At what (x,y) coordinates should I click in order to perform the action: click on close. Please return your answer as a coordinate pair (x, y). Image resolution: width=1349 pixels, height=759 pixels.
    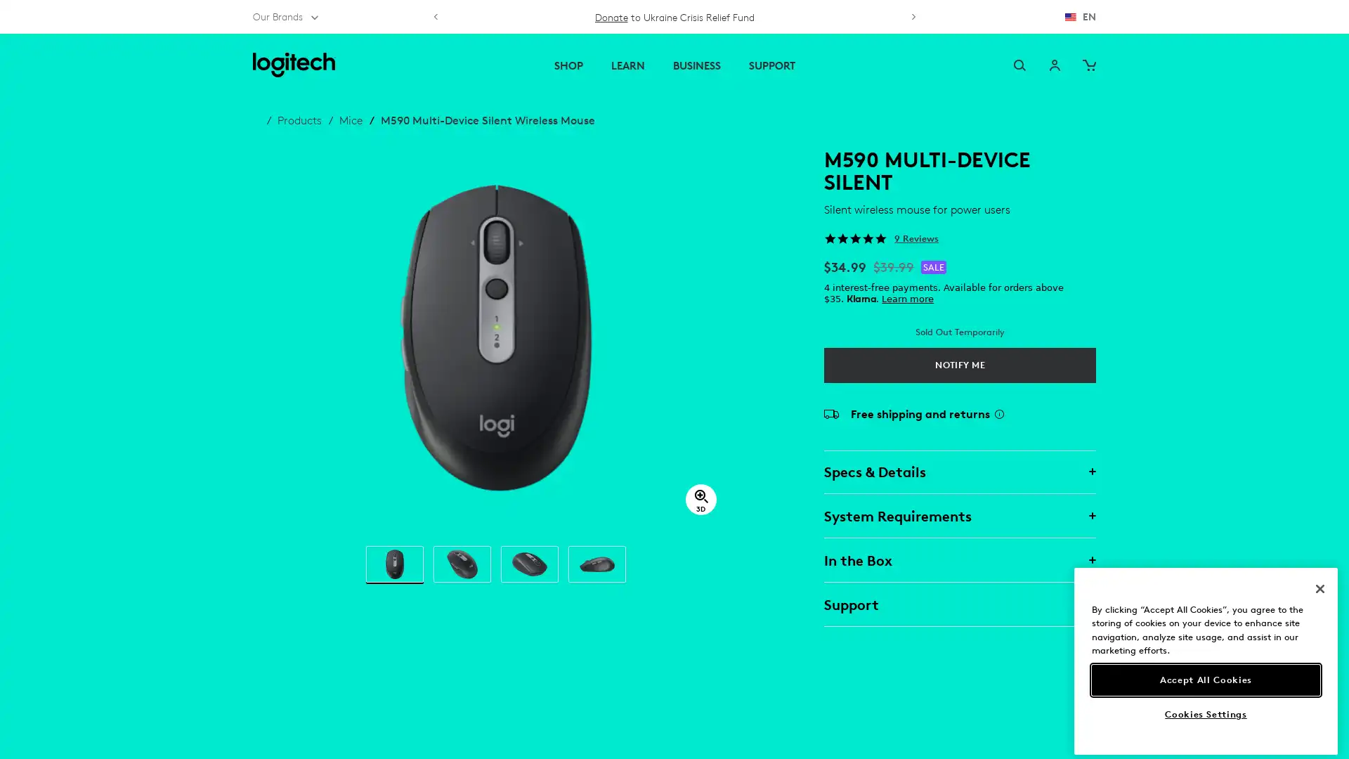
    Looking at the image, I should click on (700, 174).